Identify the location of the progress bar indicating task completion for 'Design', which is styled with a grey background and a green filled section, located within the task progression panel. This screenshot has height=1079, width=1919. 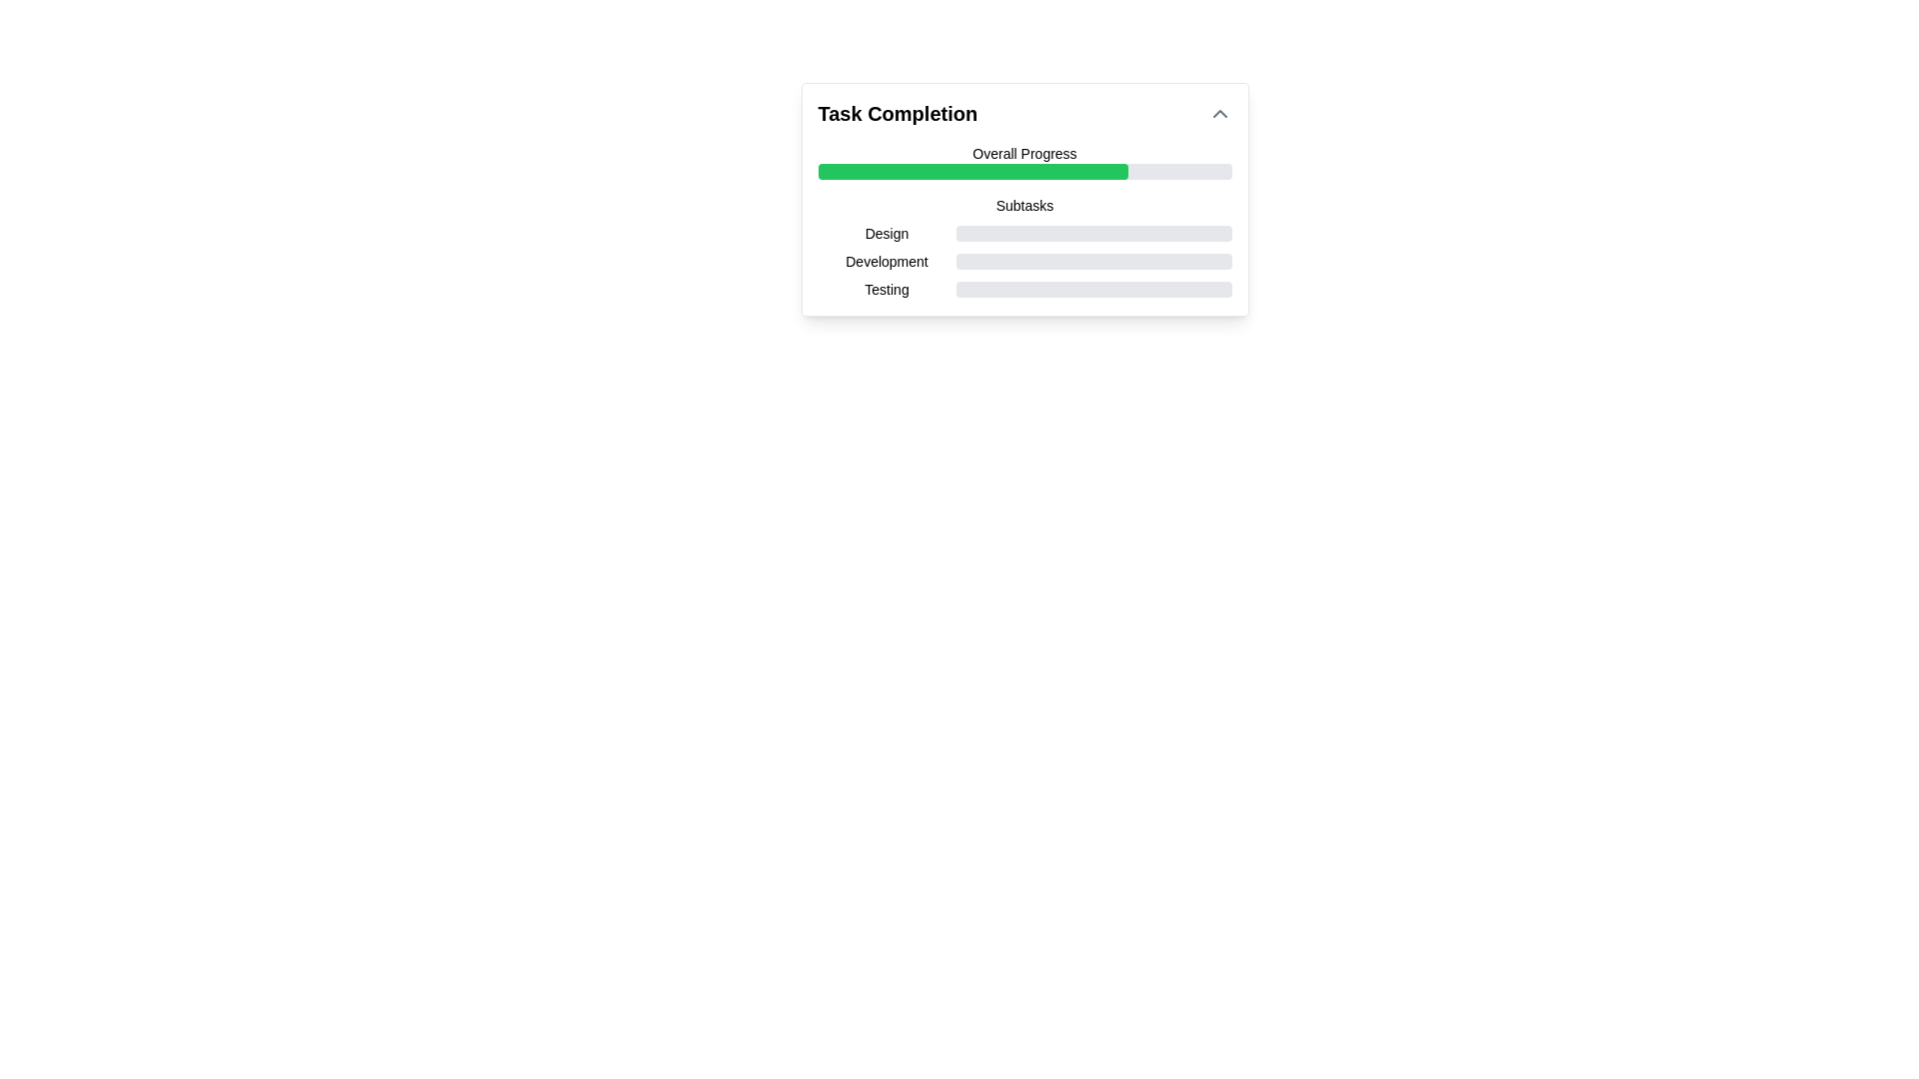
(1092, 233).